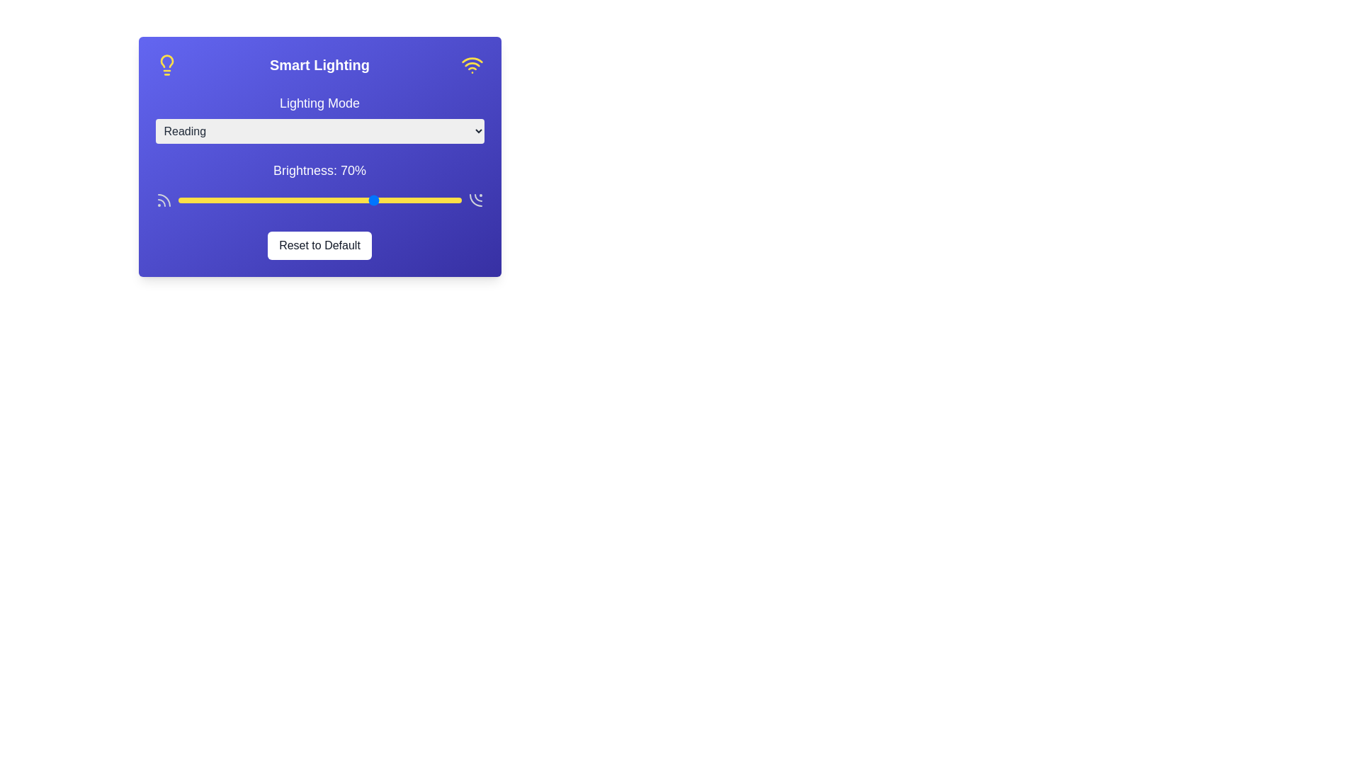 The height and width of the screenshot is (765, 1360). Describe the element at coordinates (319, 131) in the screenshot. I see `the lighting mode Focus from the dropdown menu` at that location.